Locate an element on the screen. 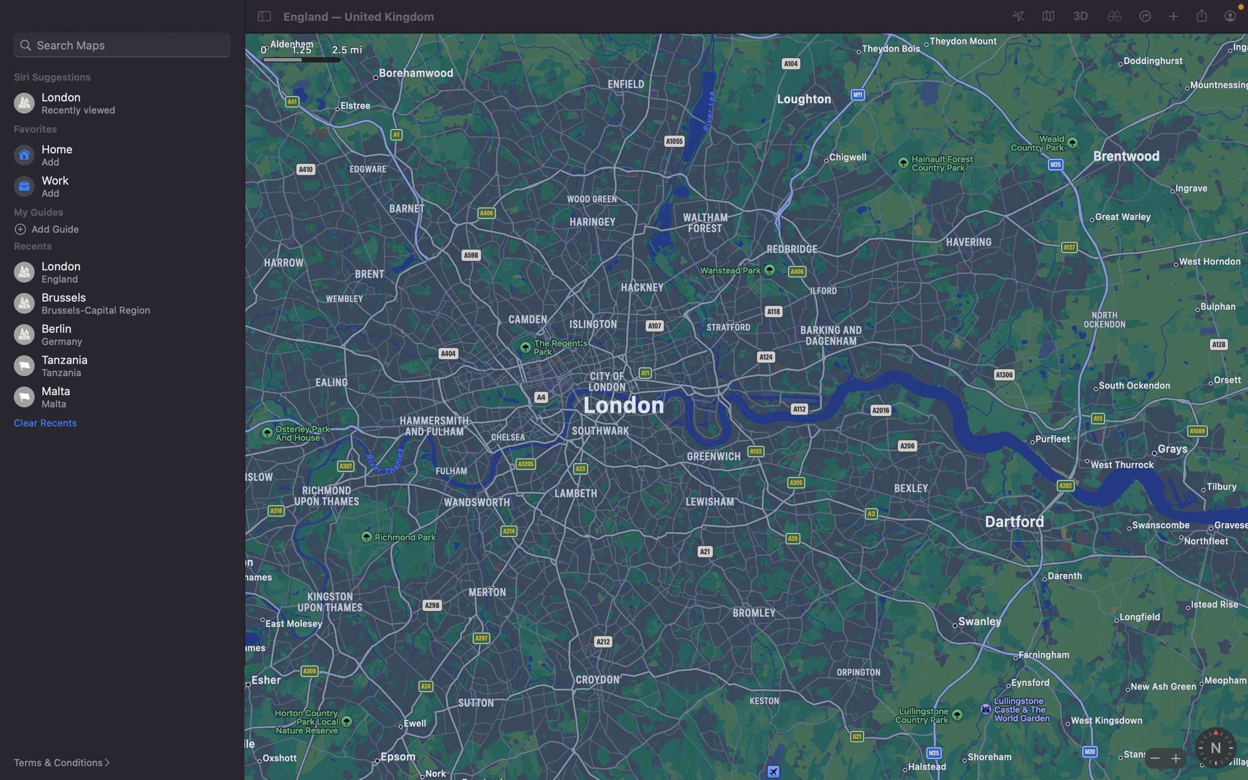 Image resolution: width=1248 pixels, height=780 pixels. Zoom in on the map is located at coordinates (1173, 757).